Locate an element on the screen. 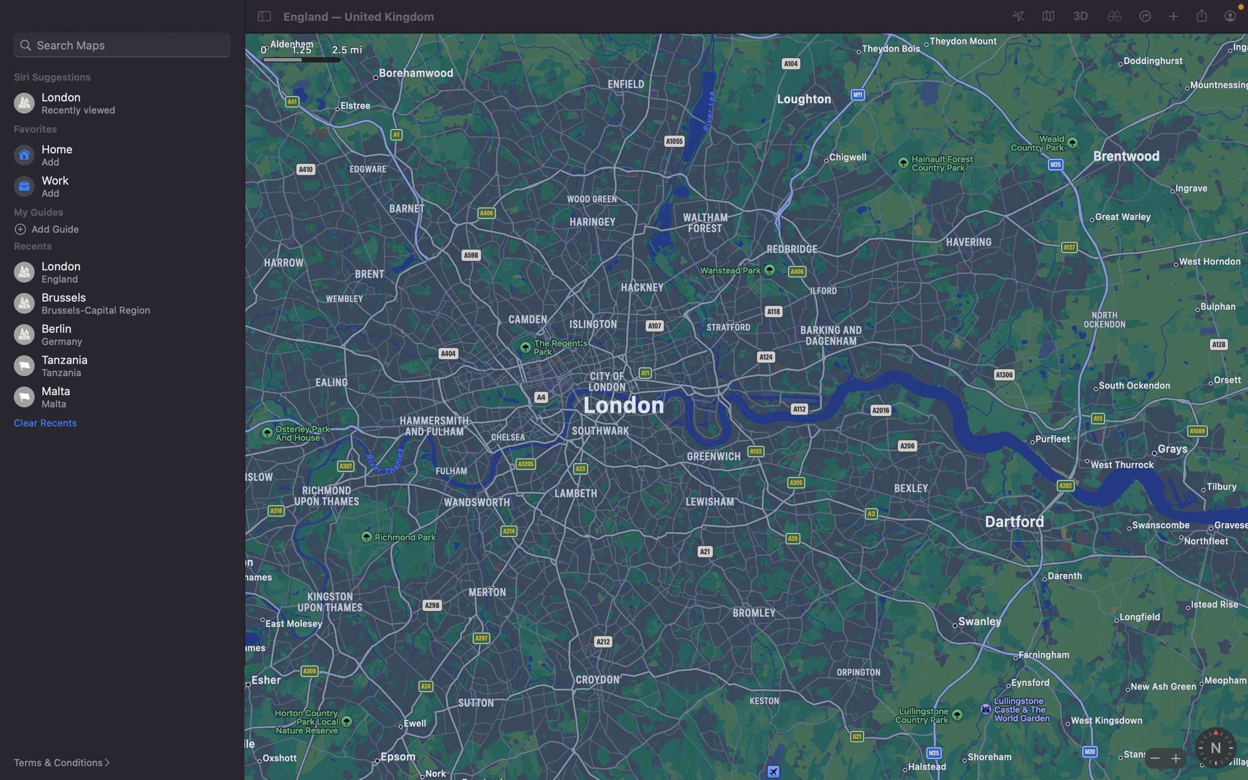 Image resolution: width=1248 pixels, height=780 pixels. Zoom in on the map is located at coordinates (1173, 757).